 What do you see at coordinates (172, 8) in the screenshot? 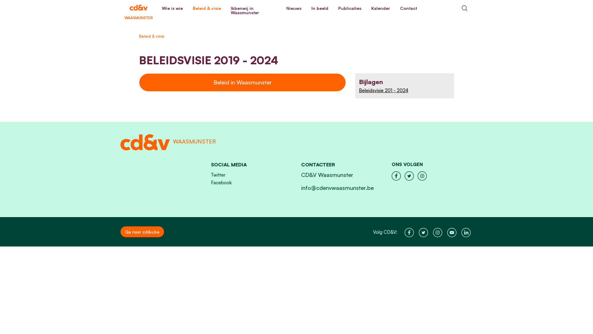
I see `'Wie is wie'` at bounding box center [172, 8].